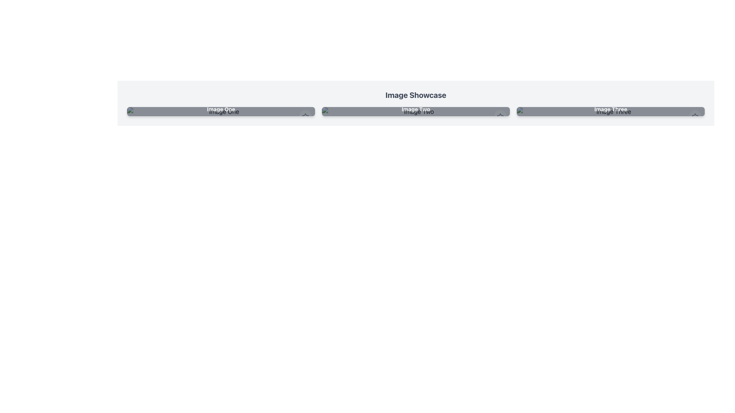  I want to click on the star-shaped button located at the top-right corner of the card labeled 'Image One' to mark or unmark it as a favorite, so click(305, 116).